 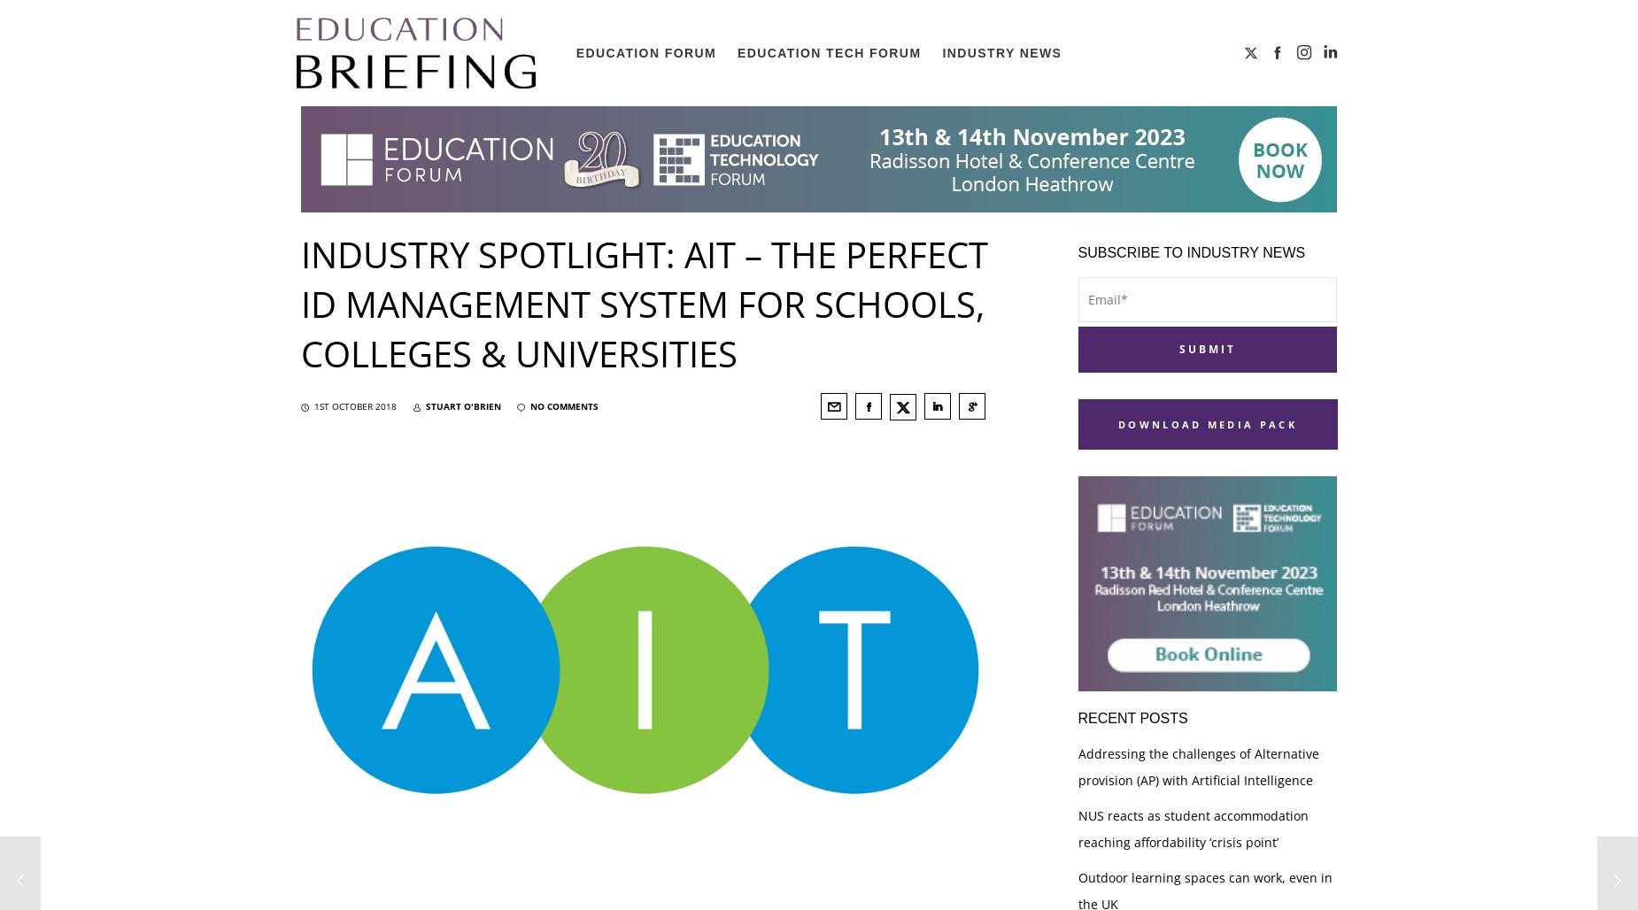 What do you see at coordinates (313, 405) in the screenshot?
I see `'1st October 2018'` at bounding box center [313, 405].